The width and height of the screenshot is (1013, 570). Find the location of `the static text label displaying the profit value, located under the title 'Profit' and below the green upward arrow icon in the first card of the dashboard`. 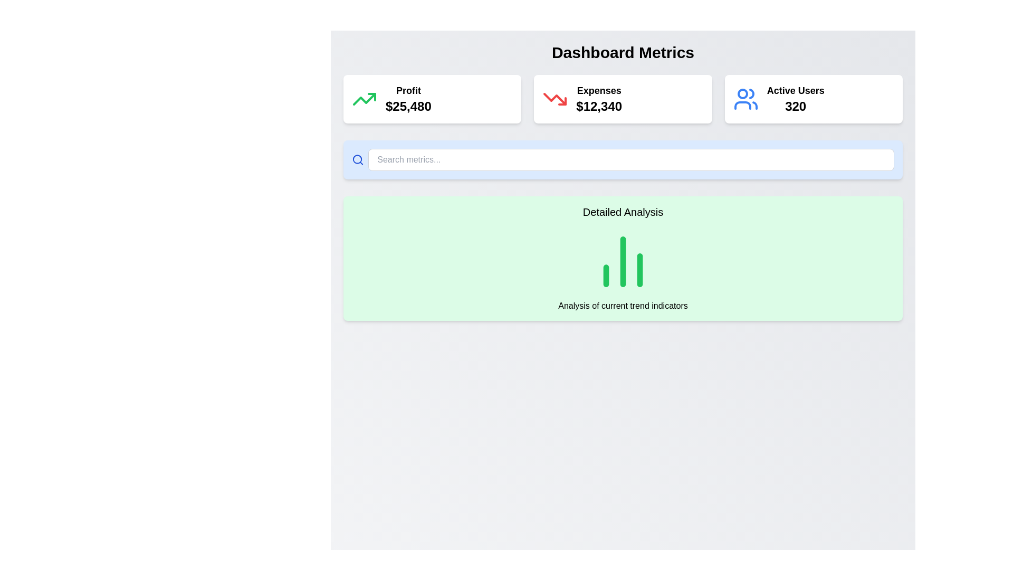

the static text label displaying the profit value, located under the title 'Profit' and below the green upward arrow icon in the first card of the dashboard is located at coordinates (408, 106).